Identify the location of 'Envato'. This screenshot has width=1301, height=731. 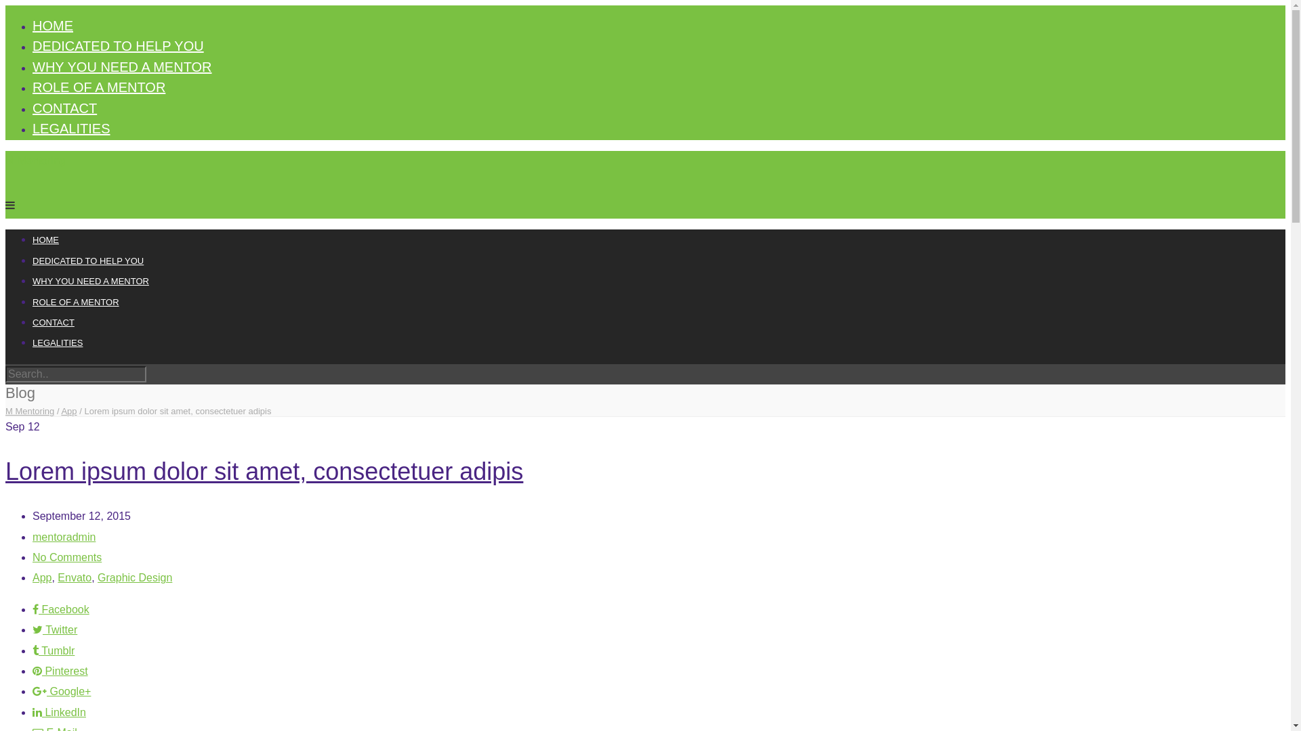
(74, 577).